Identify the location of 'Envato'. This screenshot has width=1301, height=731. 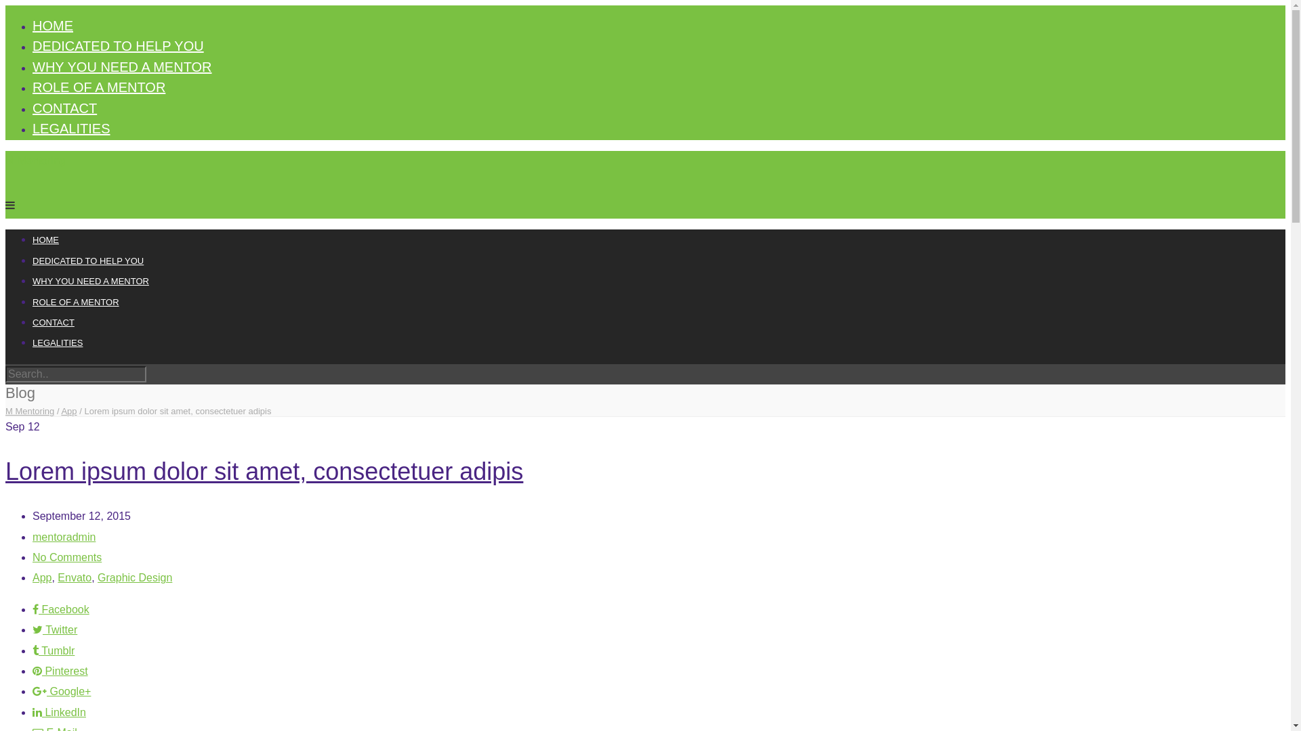
(74, 577).